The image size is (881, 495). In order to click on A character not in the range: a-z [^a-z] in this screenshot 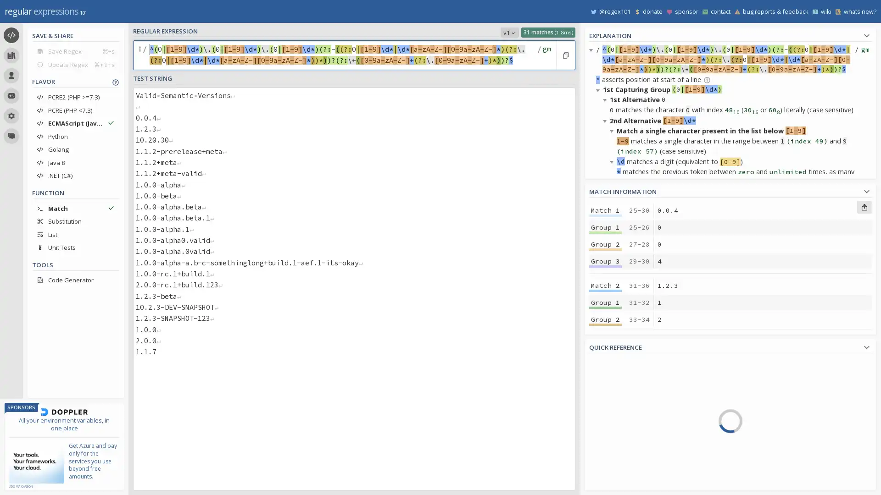, I will do `click(776, 401)`.